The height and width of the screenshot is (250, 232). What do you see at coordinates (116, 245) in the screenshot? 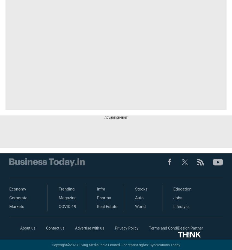
I see `'Copyright©2023 Living Media India Limited. For reprint rights: Syndications Today'` at bounding box center [116, 245].